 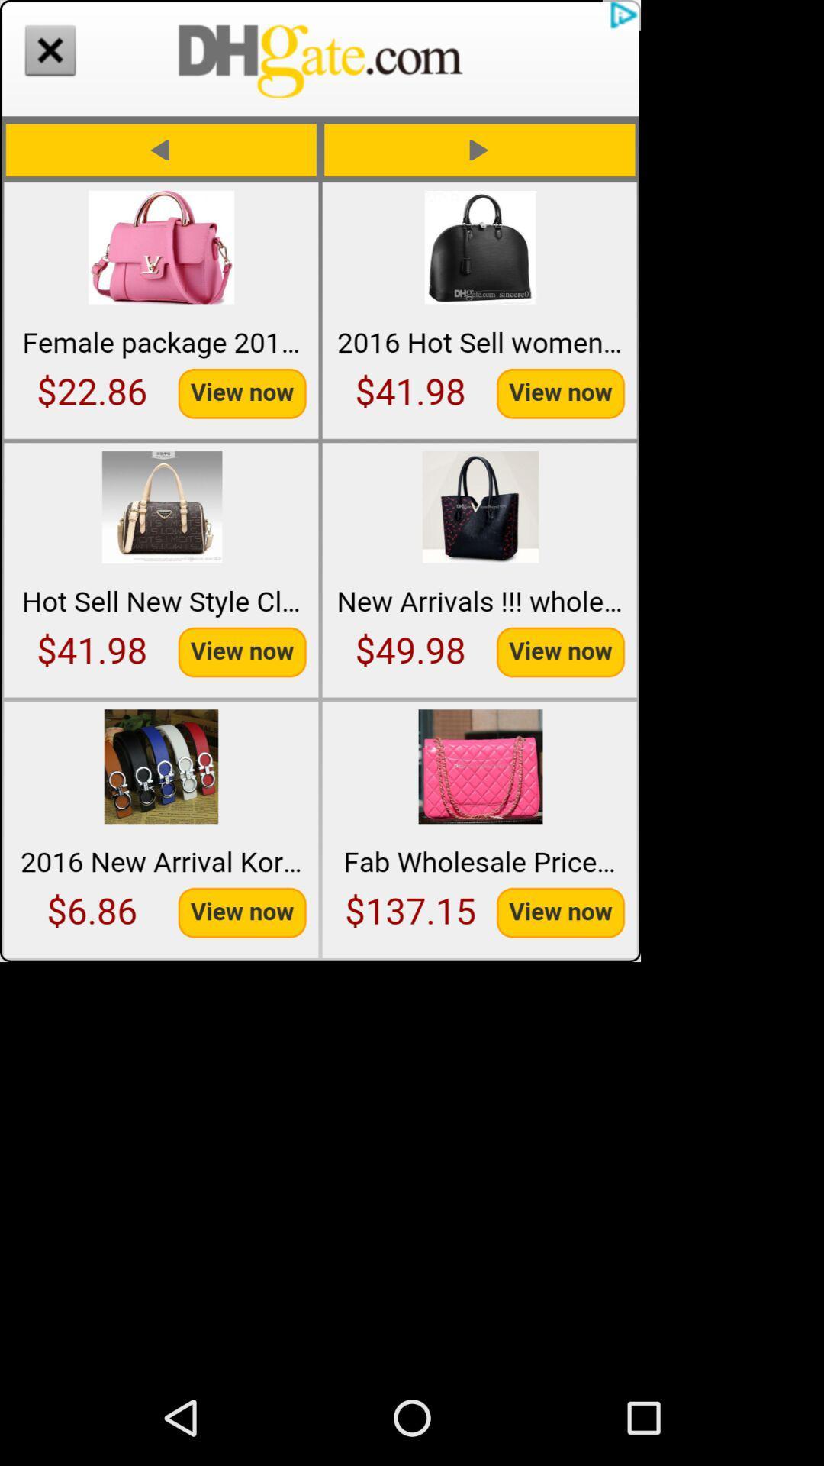 What do you see at coordinates (49, 53) in the screenshot?
I see `the close icon` at bounding box center [49, 53].